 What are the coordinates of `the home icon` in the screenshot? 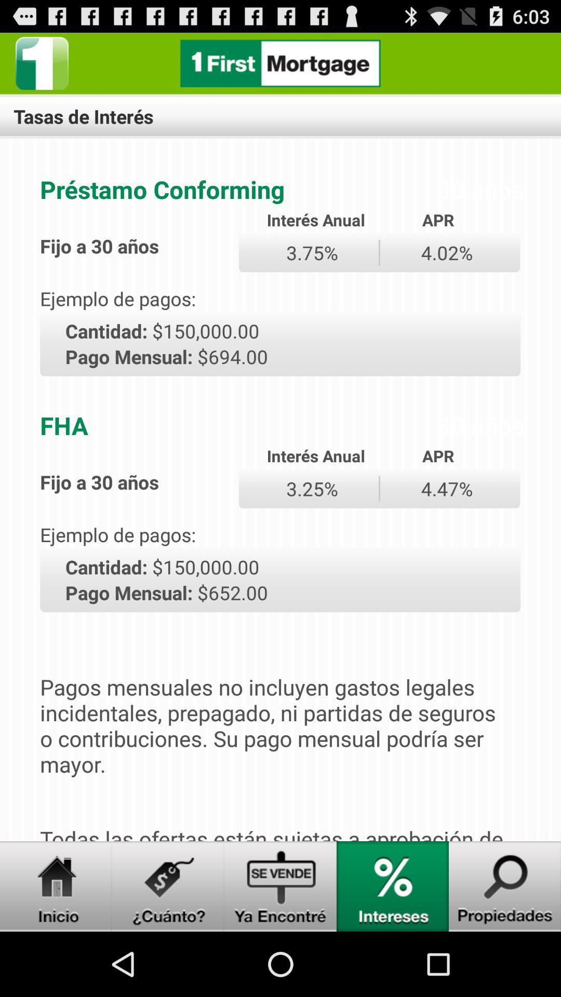 It's located at (56, 948).